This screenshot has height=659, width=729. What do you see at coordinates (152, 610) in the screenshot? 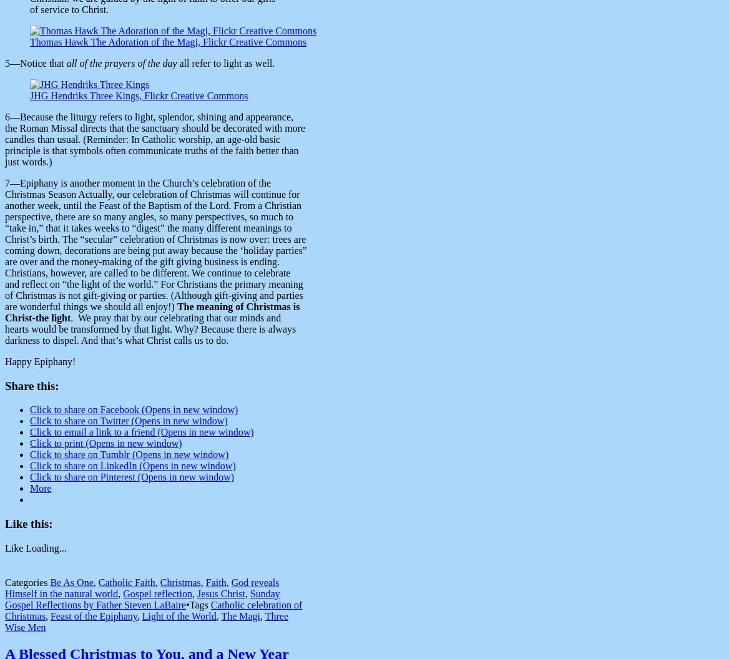
I see `'Catholic celebration of Christmas'` at bounding box center [152, 610].